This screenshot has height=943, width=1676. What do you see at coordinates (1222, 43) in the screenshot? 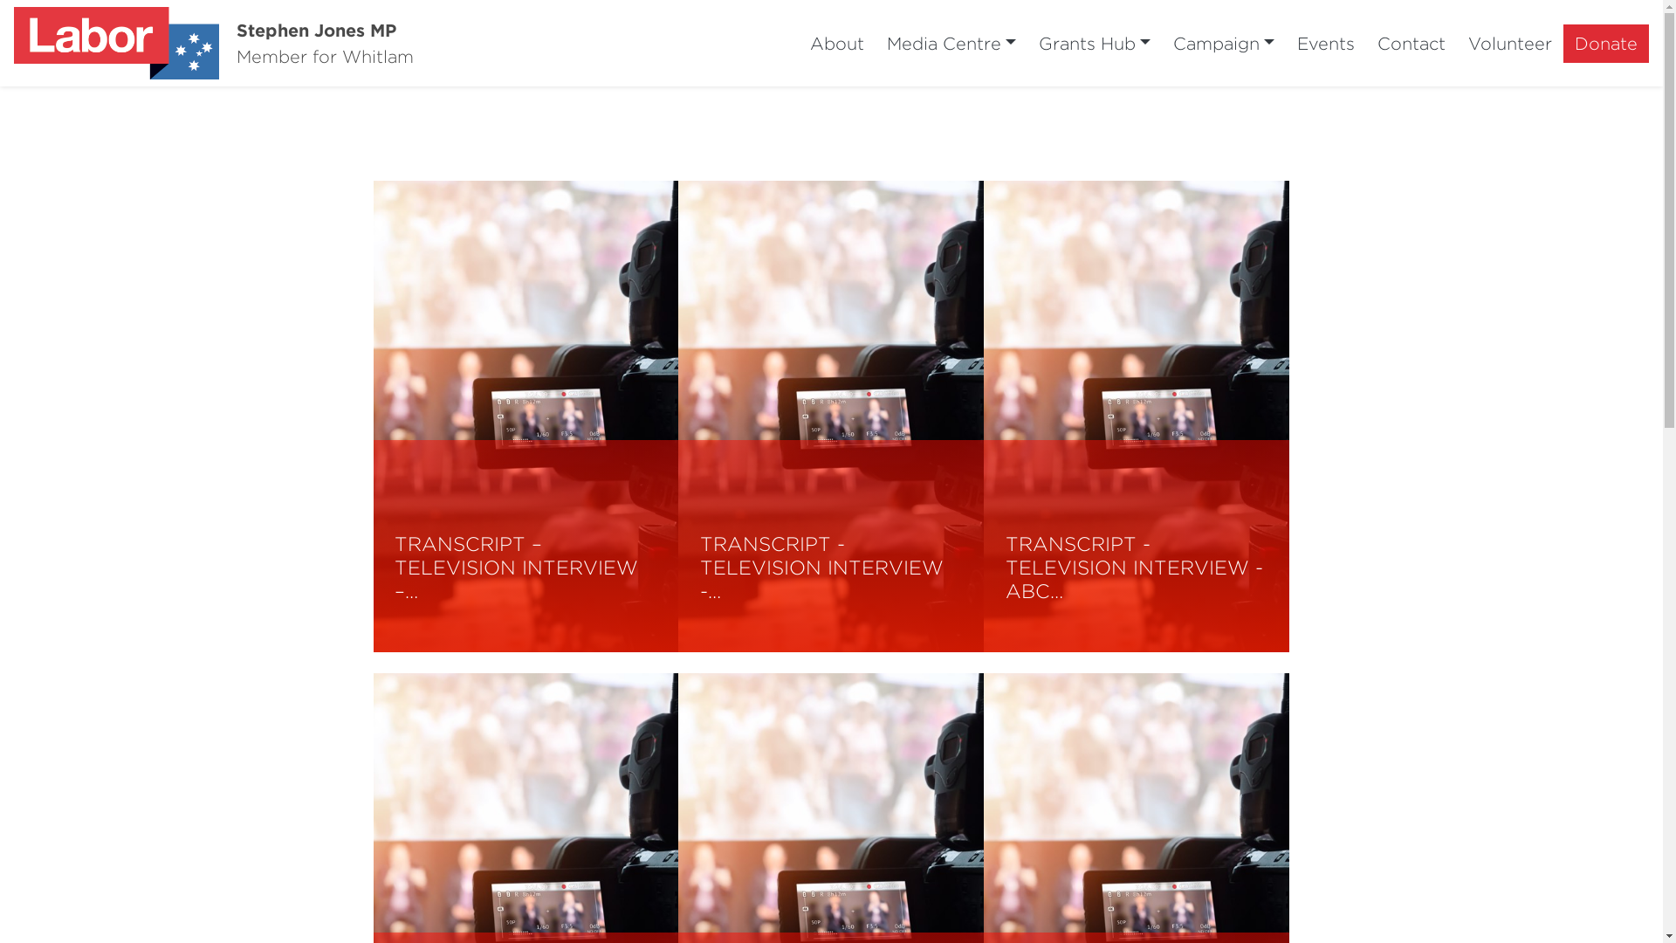
I see `'Campaign'` at bounding box center [1222, 43].